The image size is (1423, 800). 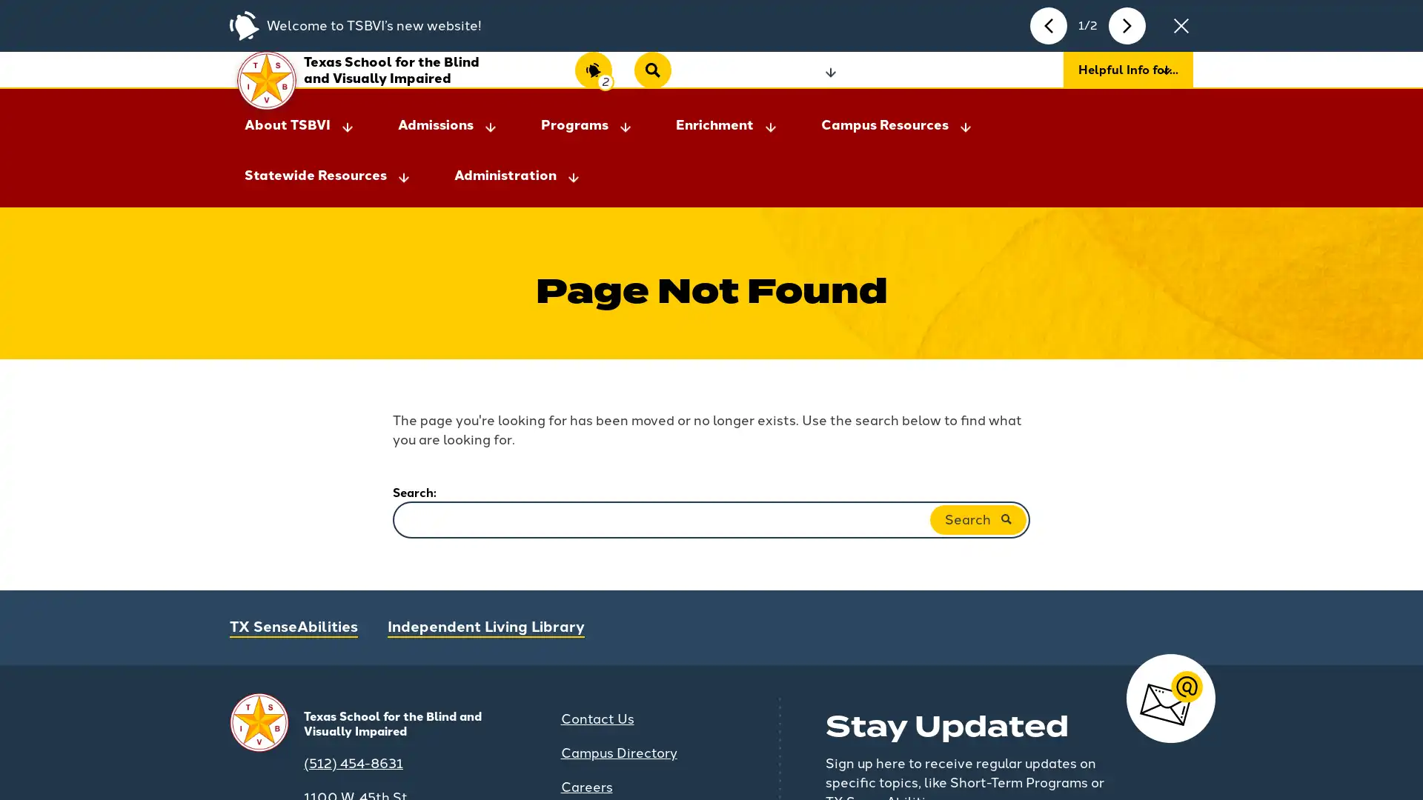 What do you see at coordinates (1180, 25) in the screenshot?
I see `Close Alert Bar` at bounding box center [1180, 25].